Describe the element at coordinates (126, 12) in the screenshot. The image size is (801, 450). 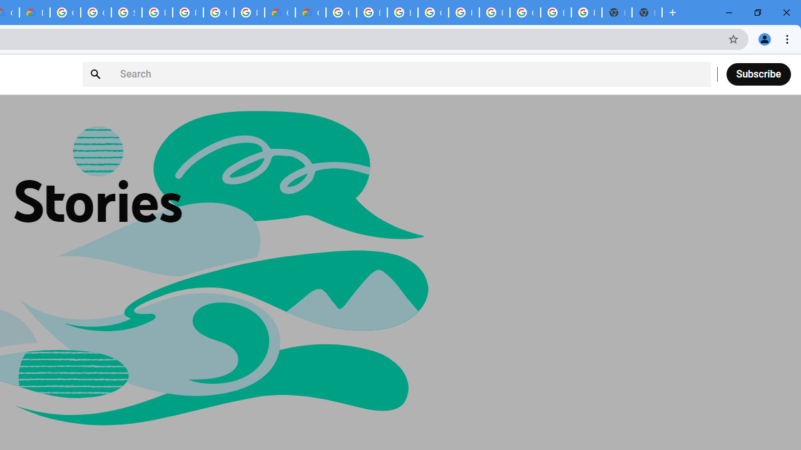
I see `'Sign in - Google Accounts'` at that location.